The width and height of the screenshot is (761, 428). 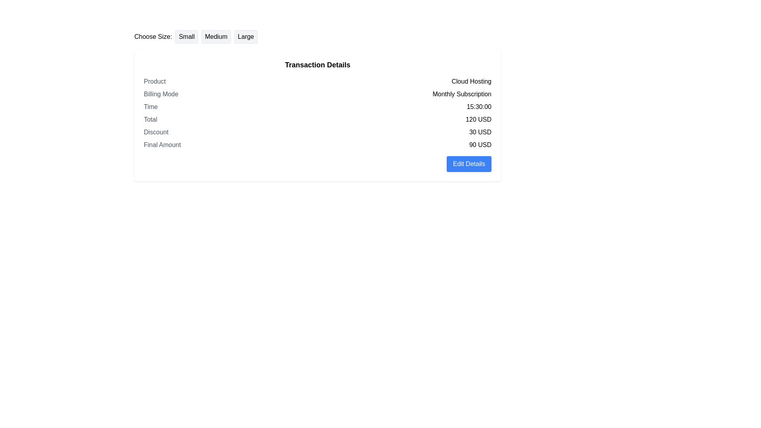 I want to click on the 'Edit Details' button, so click(x=469, y=163).